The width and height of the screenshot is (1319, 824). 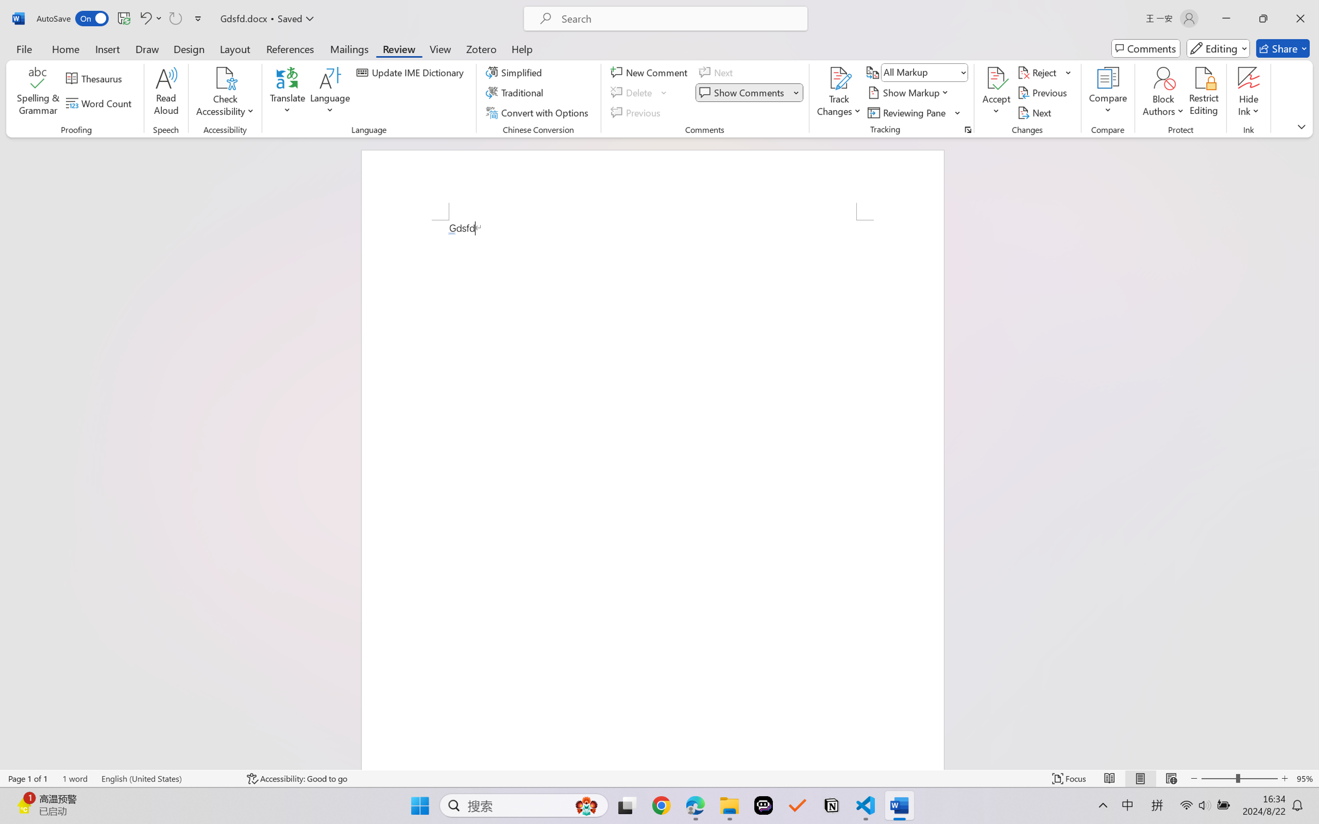 I want to click on 'Delete', so click(x=633, y=93).